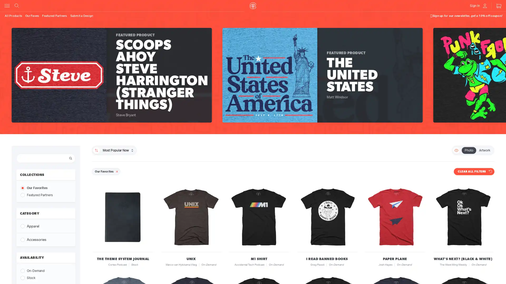 Image resolution: width=506 pixels, height=284 pixels. What do you see at coordinates (70, 165) in the screenshot?
I see `Search` at bounding box center [70, 165].